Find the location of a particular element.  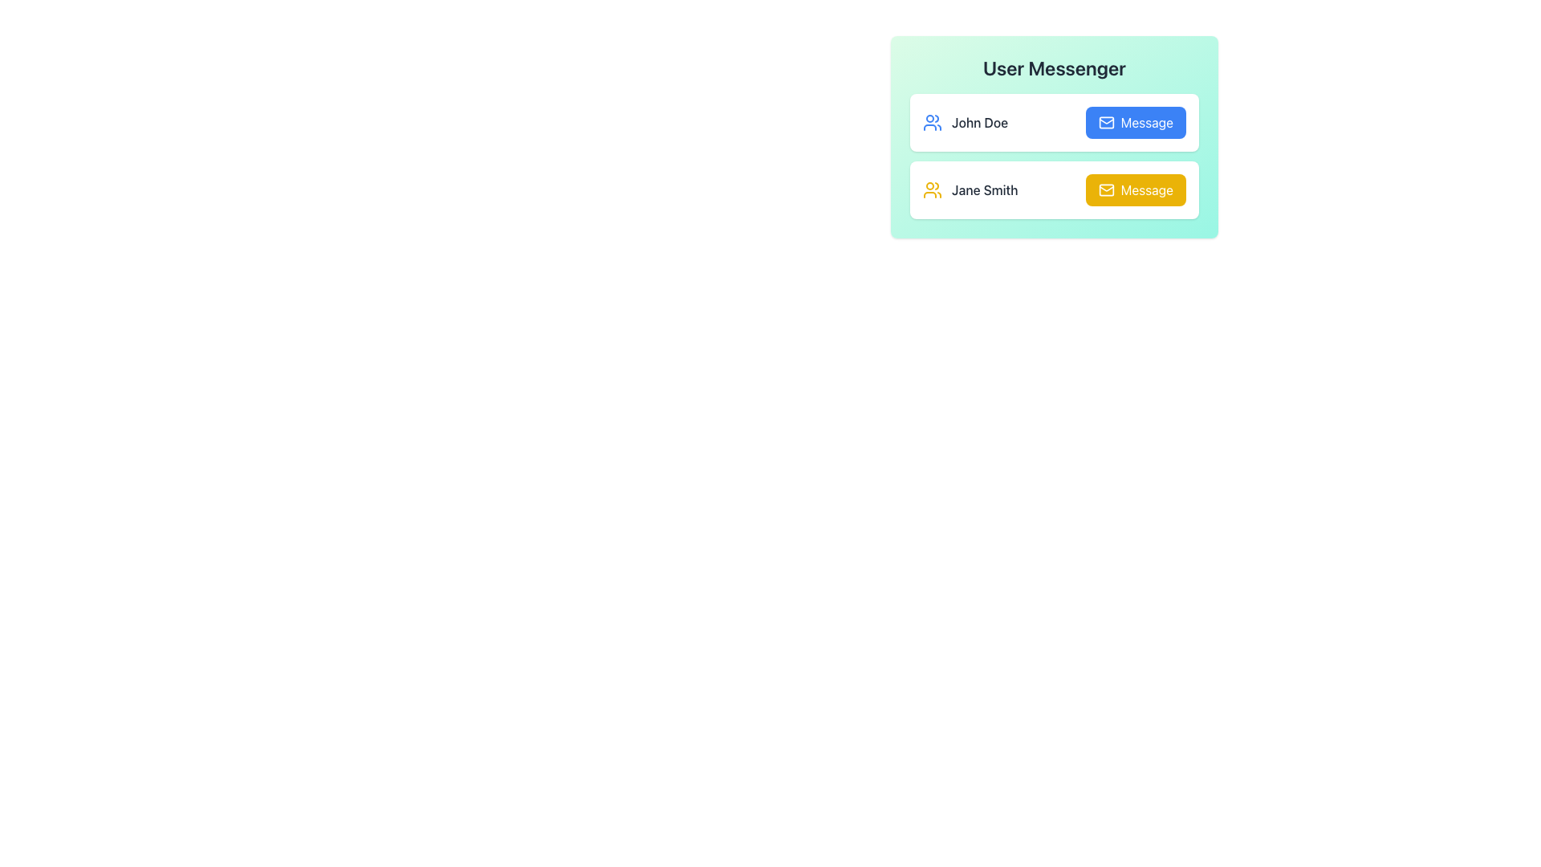

the user entry in the messaging interface that displays the user's name, positioned as the first entry under 'User Messenger' is located at coordinates (1055, 122).